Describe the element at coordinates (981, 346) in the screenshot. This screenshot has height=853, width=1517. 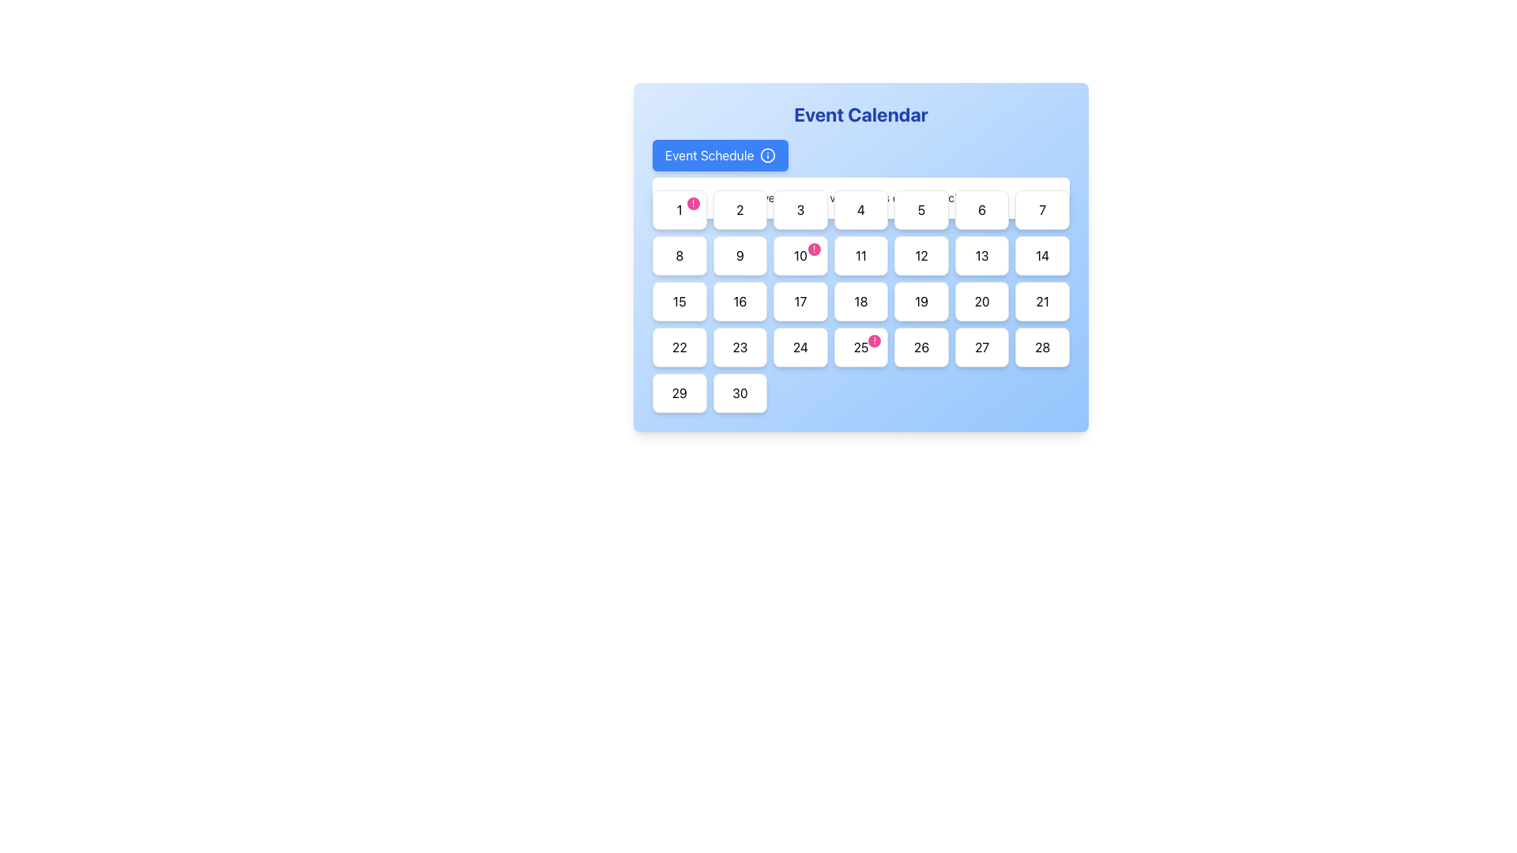
I see `the calendar day cell representing the date '27', located in the bottom row and fifth column of the calendar grid` at that location.